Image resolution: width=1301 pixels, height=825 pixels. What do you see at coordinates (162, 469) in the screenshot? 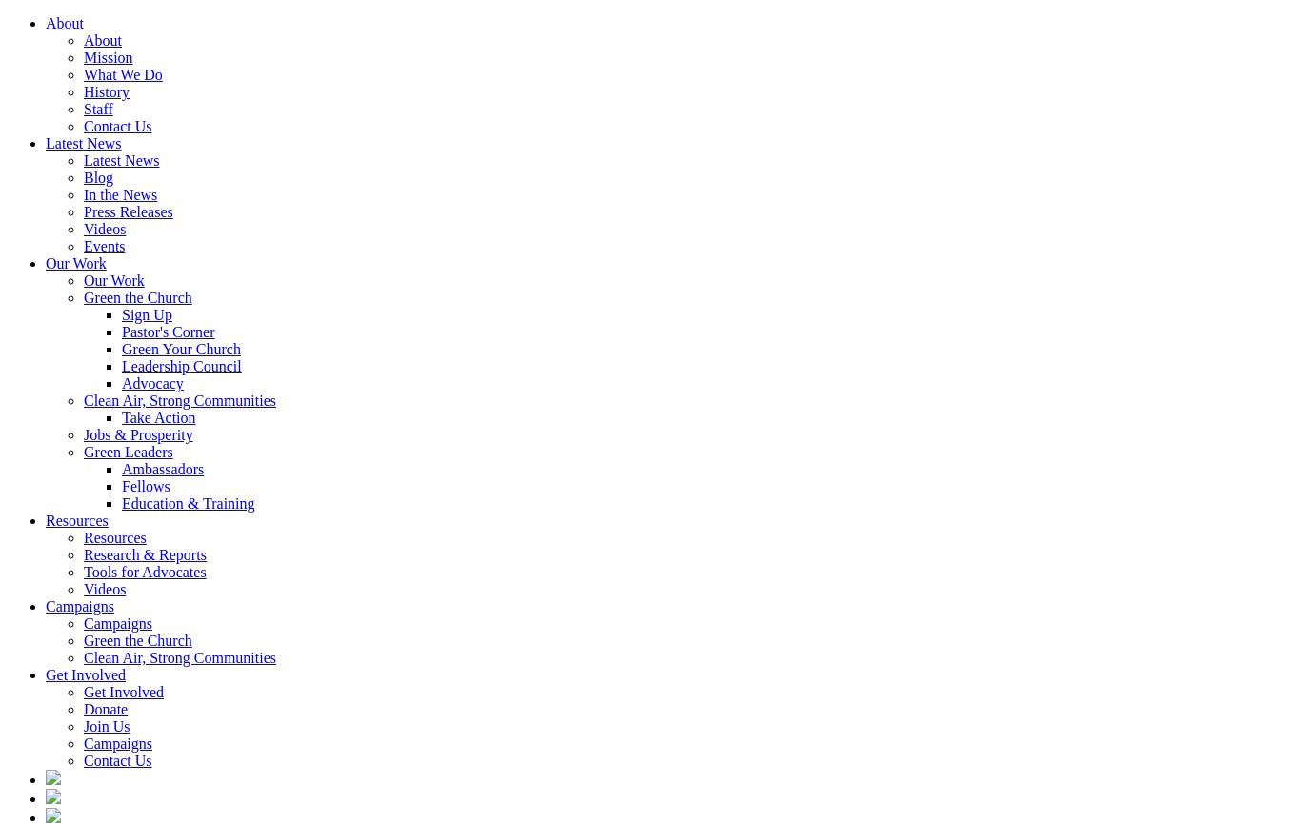
I see `'Ambassadors'` at bounding box center [162, 469].